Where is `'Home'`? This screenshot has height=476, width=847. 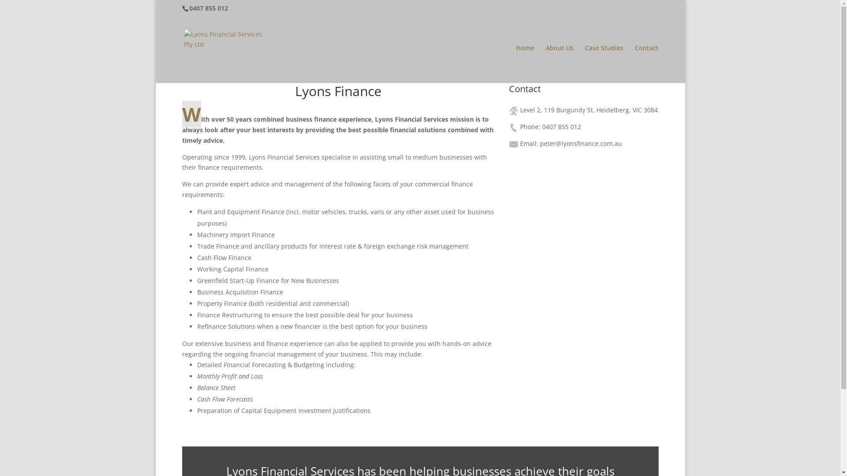 'Home' is located at coordinates (525, 63).